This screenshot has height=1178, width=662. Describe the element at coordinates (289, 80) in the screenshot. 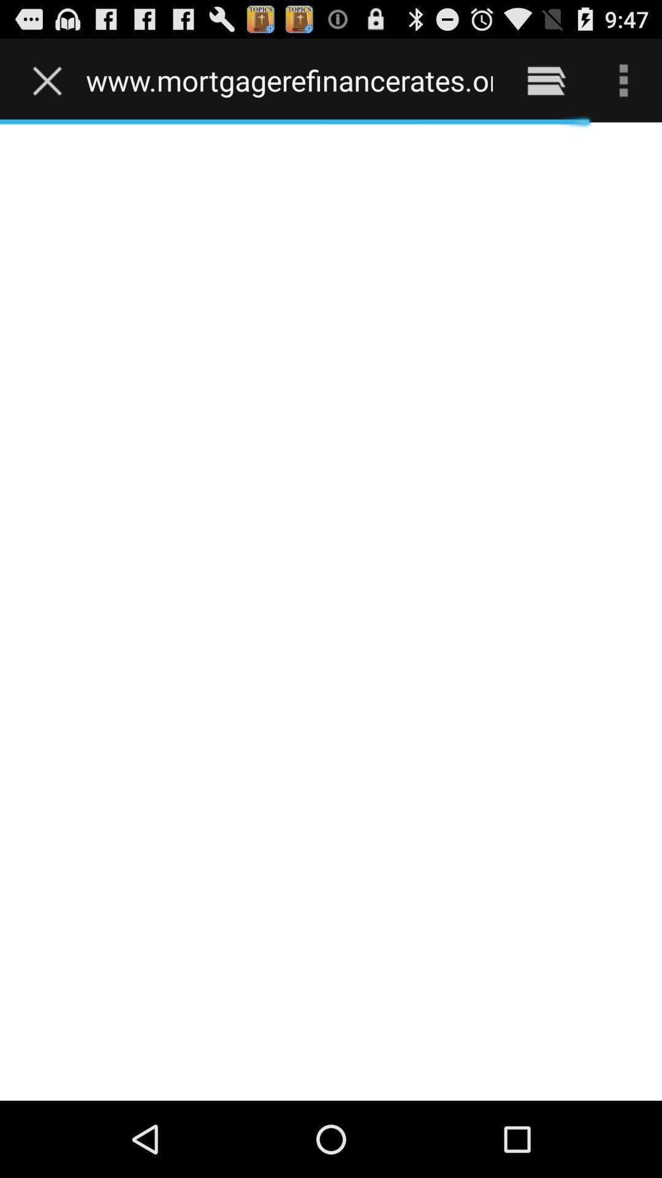

I see `www mortgagerefinancerates org item` at that location.